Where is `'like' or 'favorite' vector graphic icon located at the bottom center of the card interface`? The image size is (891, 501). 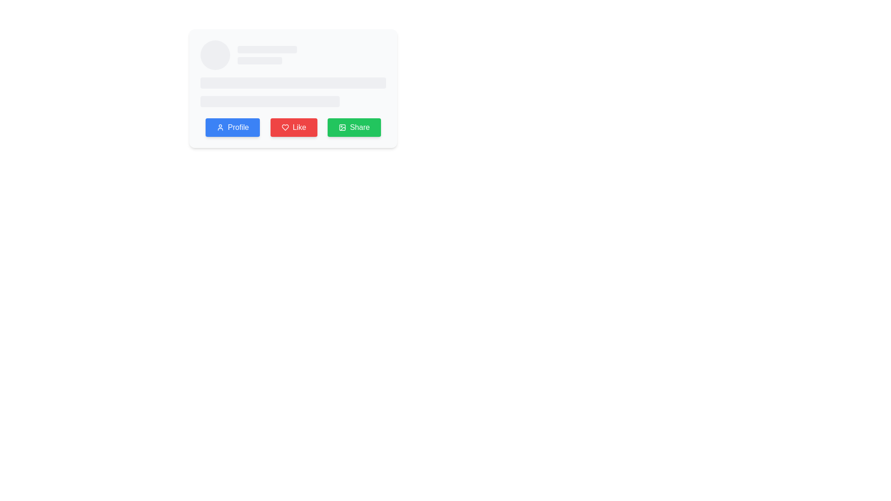 'like' or 'favorite' vector graphic icon located at the bottom center of the card interface is located at coordinates (284, 127).